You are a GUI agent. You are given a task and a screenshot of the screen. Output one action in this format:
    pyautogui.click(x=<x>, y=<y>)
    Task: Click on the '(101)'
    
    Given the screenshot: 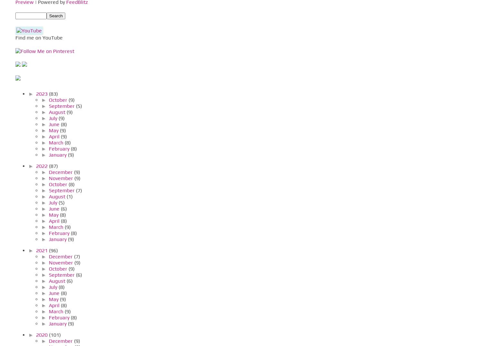 What is the action you would take?
    pyautogui.click(x=54, y=334)
    